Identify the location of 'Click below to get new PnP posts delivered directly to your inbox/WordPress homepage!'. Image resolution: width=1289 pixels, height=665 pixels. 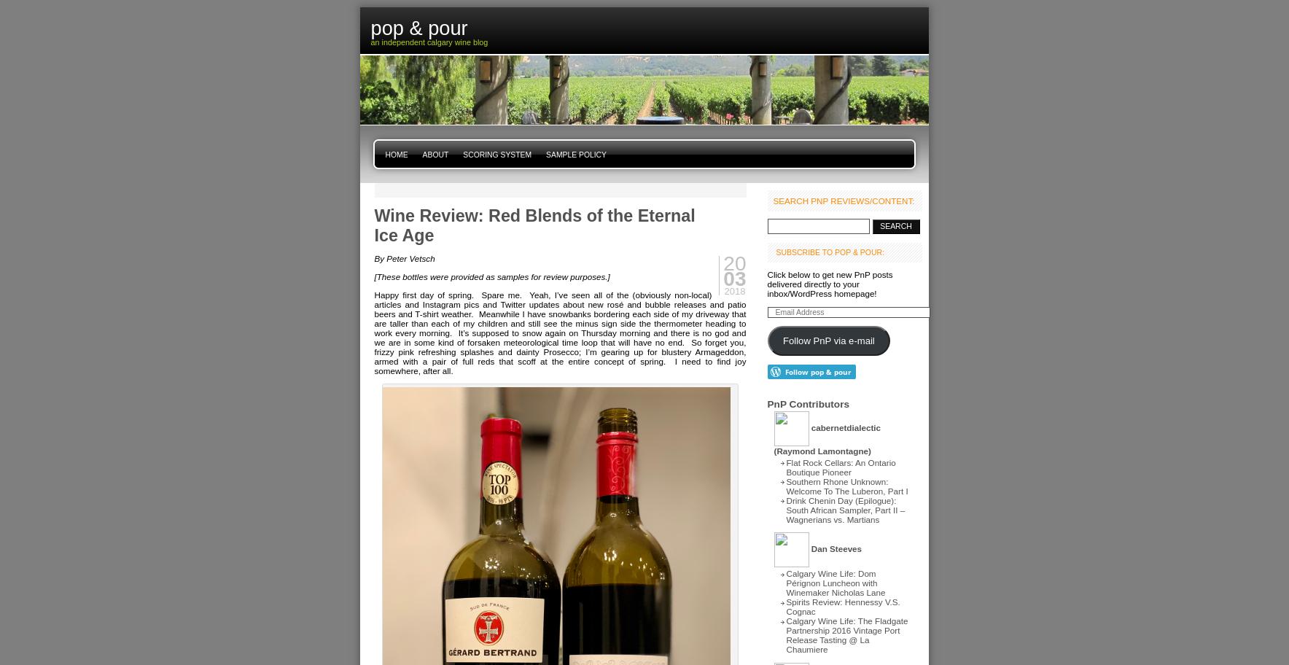
(830, 284).